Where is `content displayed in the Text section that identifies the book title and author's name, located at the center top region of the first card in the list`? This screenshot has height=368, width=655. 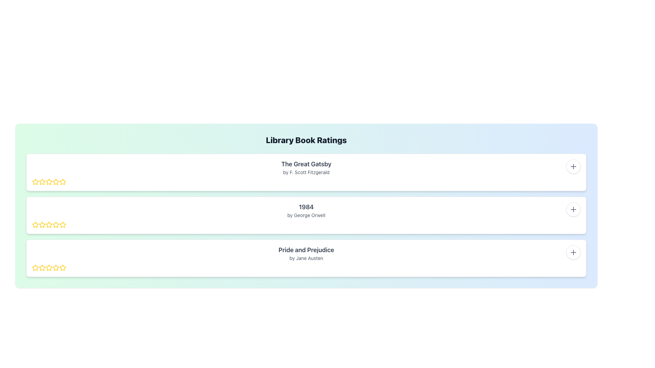
content displayed in the Text section that identifies the book title and author's name, located at the center top region of the first card in the list is located at coordinates (306, 172).